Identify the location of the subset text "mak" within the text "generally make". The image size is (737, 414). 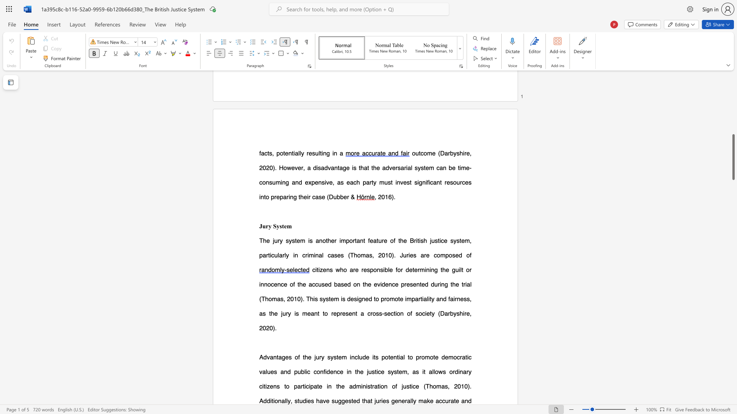
(418, 400).